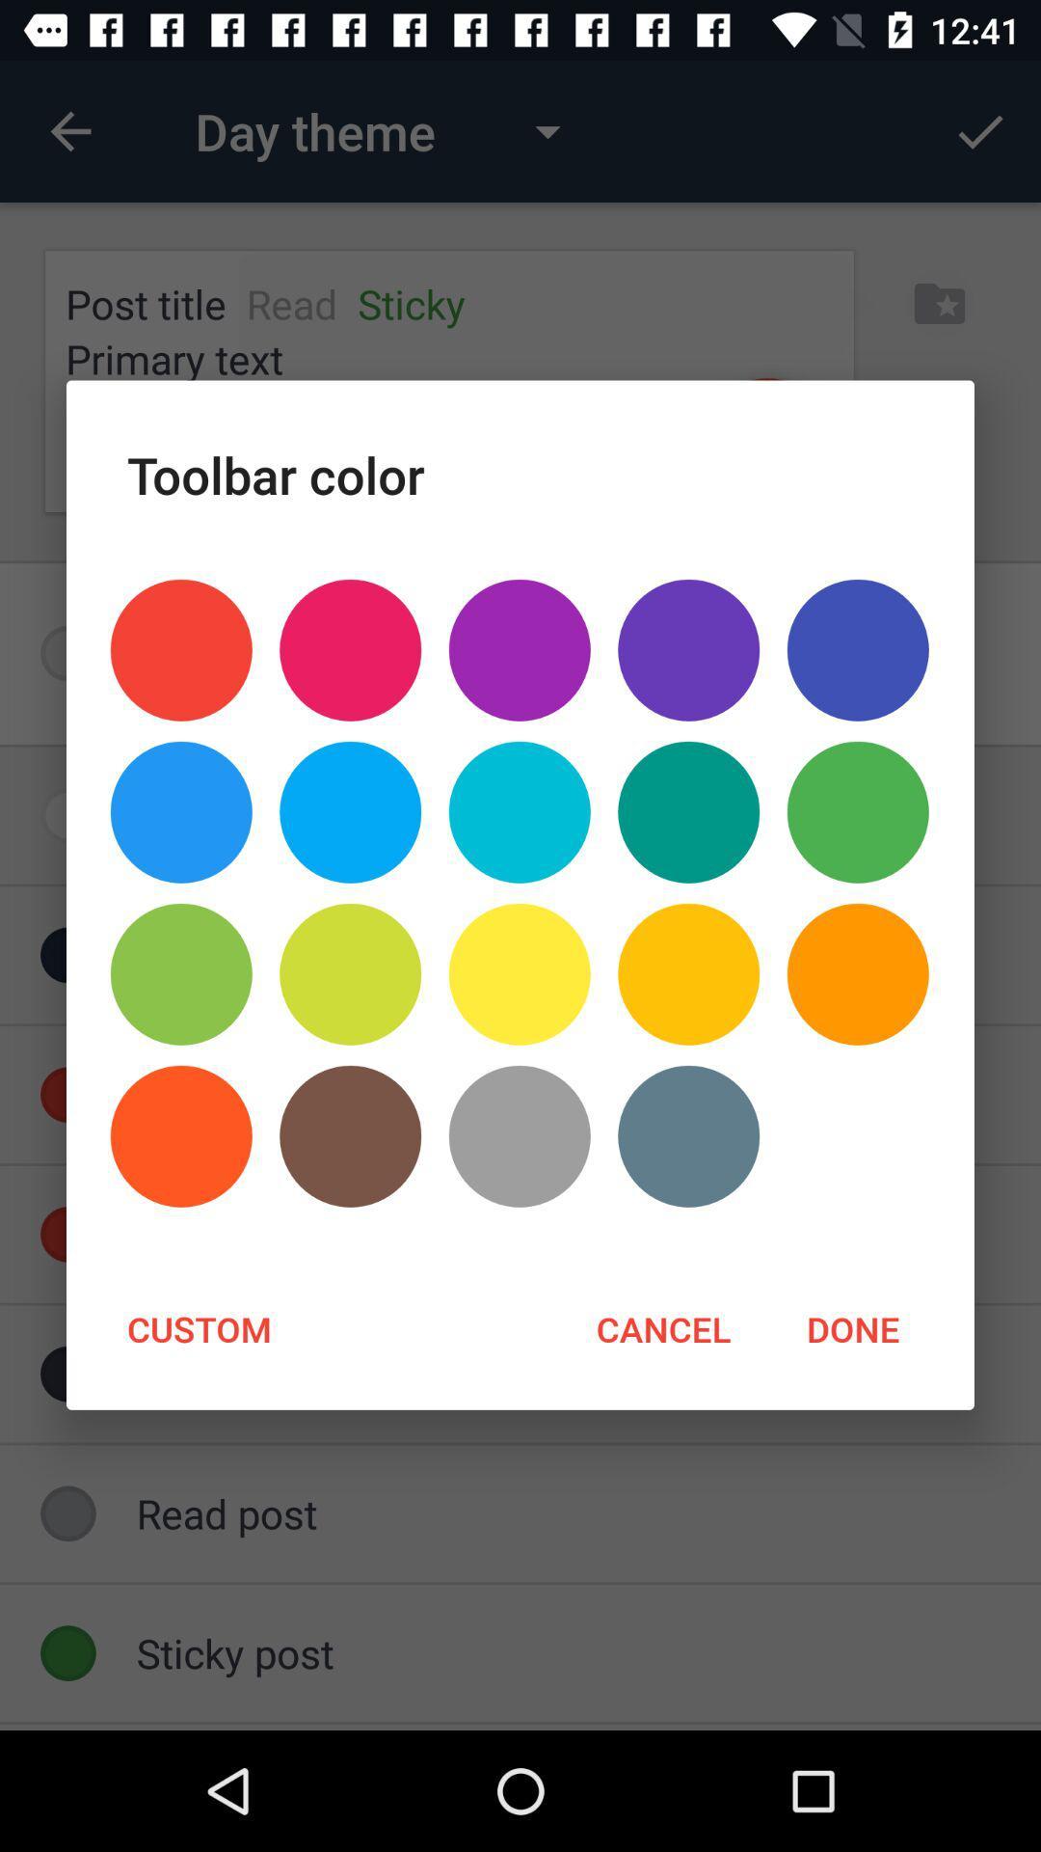 The image size is (1041, 1852). Describe the element at coordinates (200, 1327) in the screenshot. I see `the icon next to cancel icon` at that location.